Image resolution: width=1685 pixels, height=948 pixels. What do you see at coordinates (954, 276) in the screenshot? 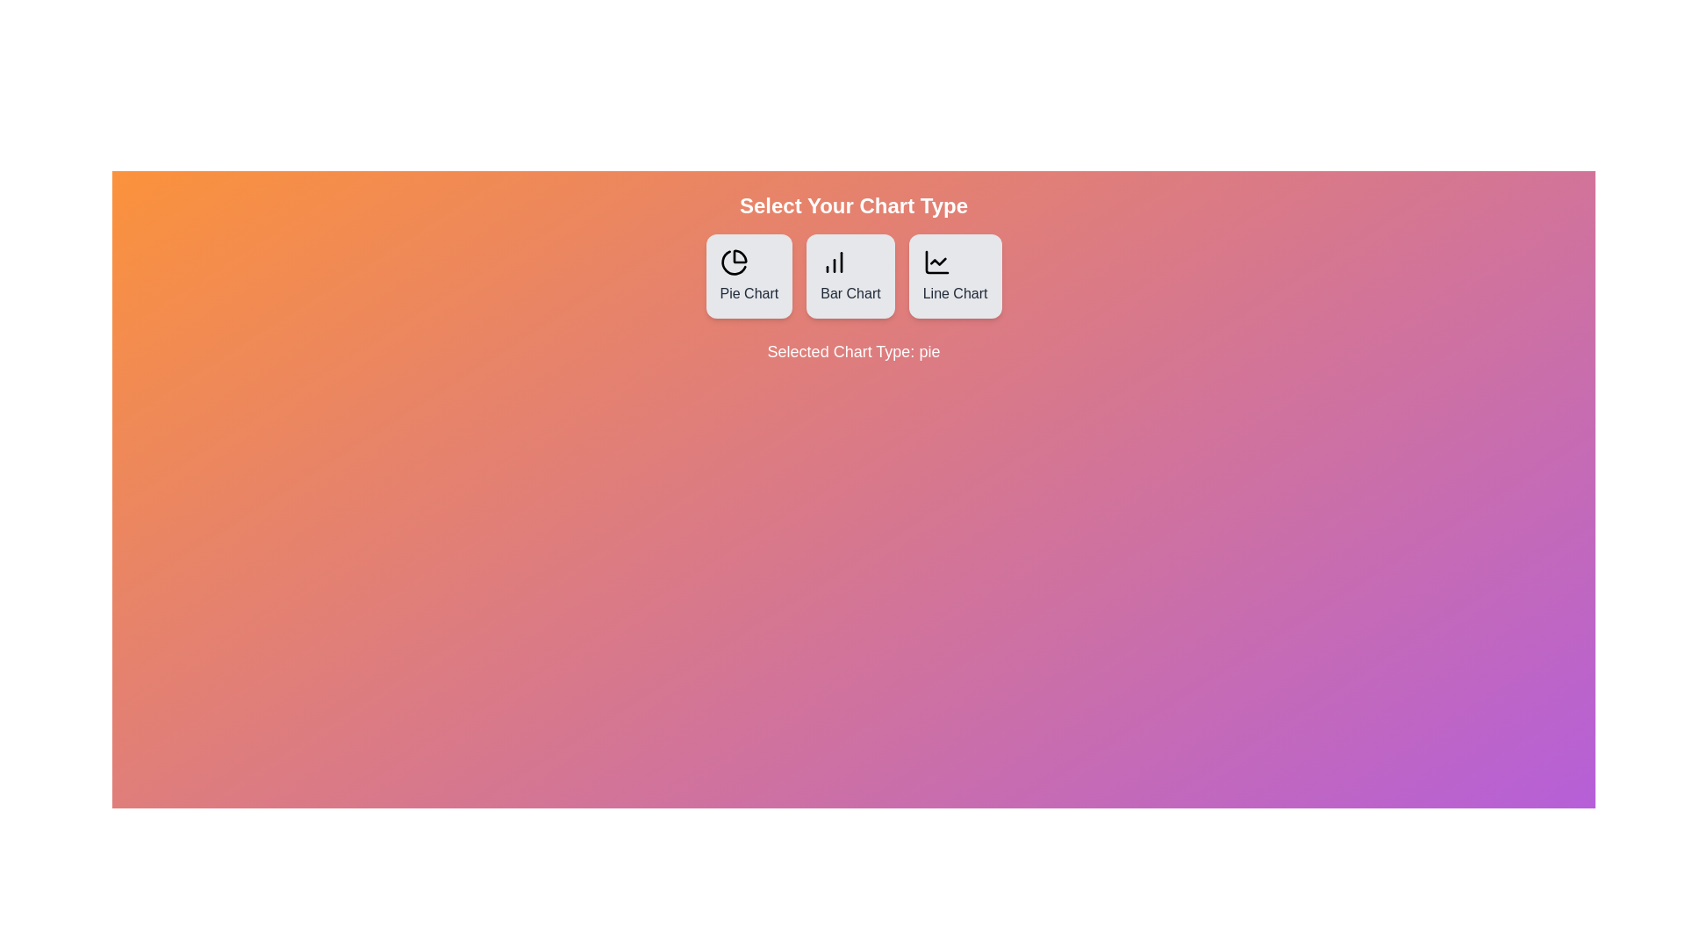
I see `the Line Chart button to observe the hover effect` at bounding box center [954, 276].